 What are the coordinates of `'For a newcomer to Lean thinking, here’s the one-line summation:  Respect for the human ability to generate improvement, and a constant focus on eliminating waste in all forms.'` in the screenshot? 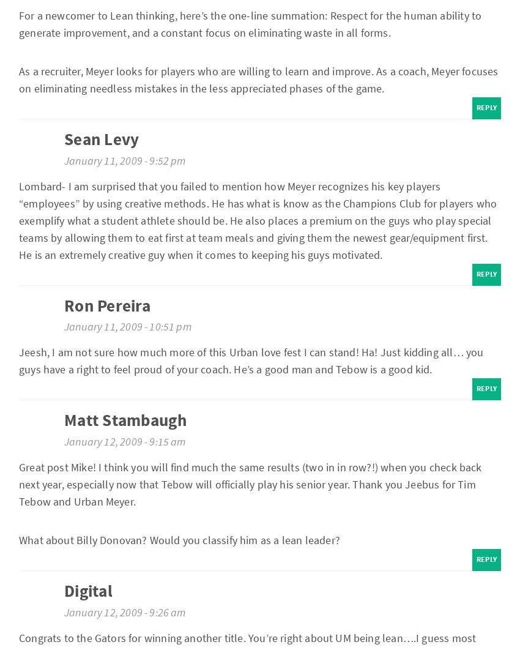 It's located at (250, 23).